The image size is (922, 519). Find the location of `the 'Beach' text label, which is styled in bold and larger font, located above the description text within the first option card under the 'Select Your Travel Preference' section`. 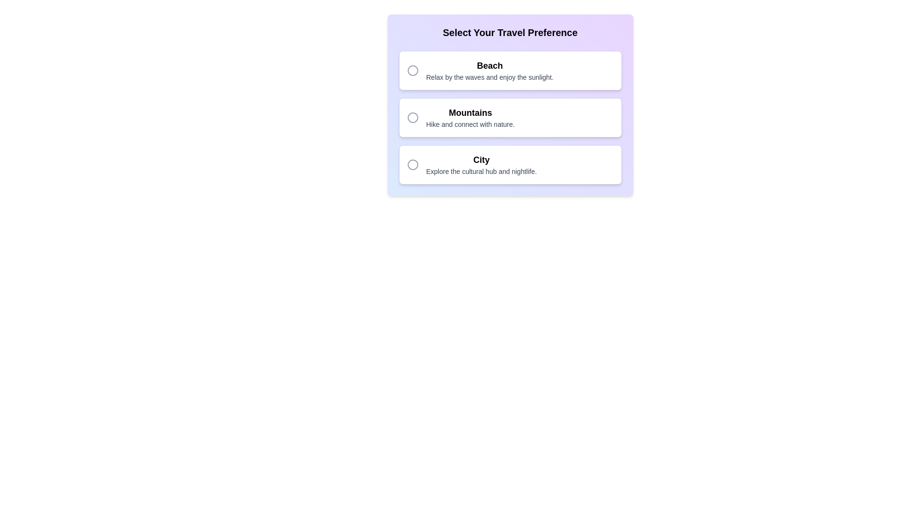

the 'Beach' text label, which is styled in bold and larger font, located above the description text within the first option card under the 'Select Your Travel Preference' section is located at coordinates (490, 65).